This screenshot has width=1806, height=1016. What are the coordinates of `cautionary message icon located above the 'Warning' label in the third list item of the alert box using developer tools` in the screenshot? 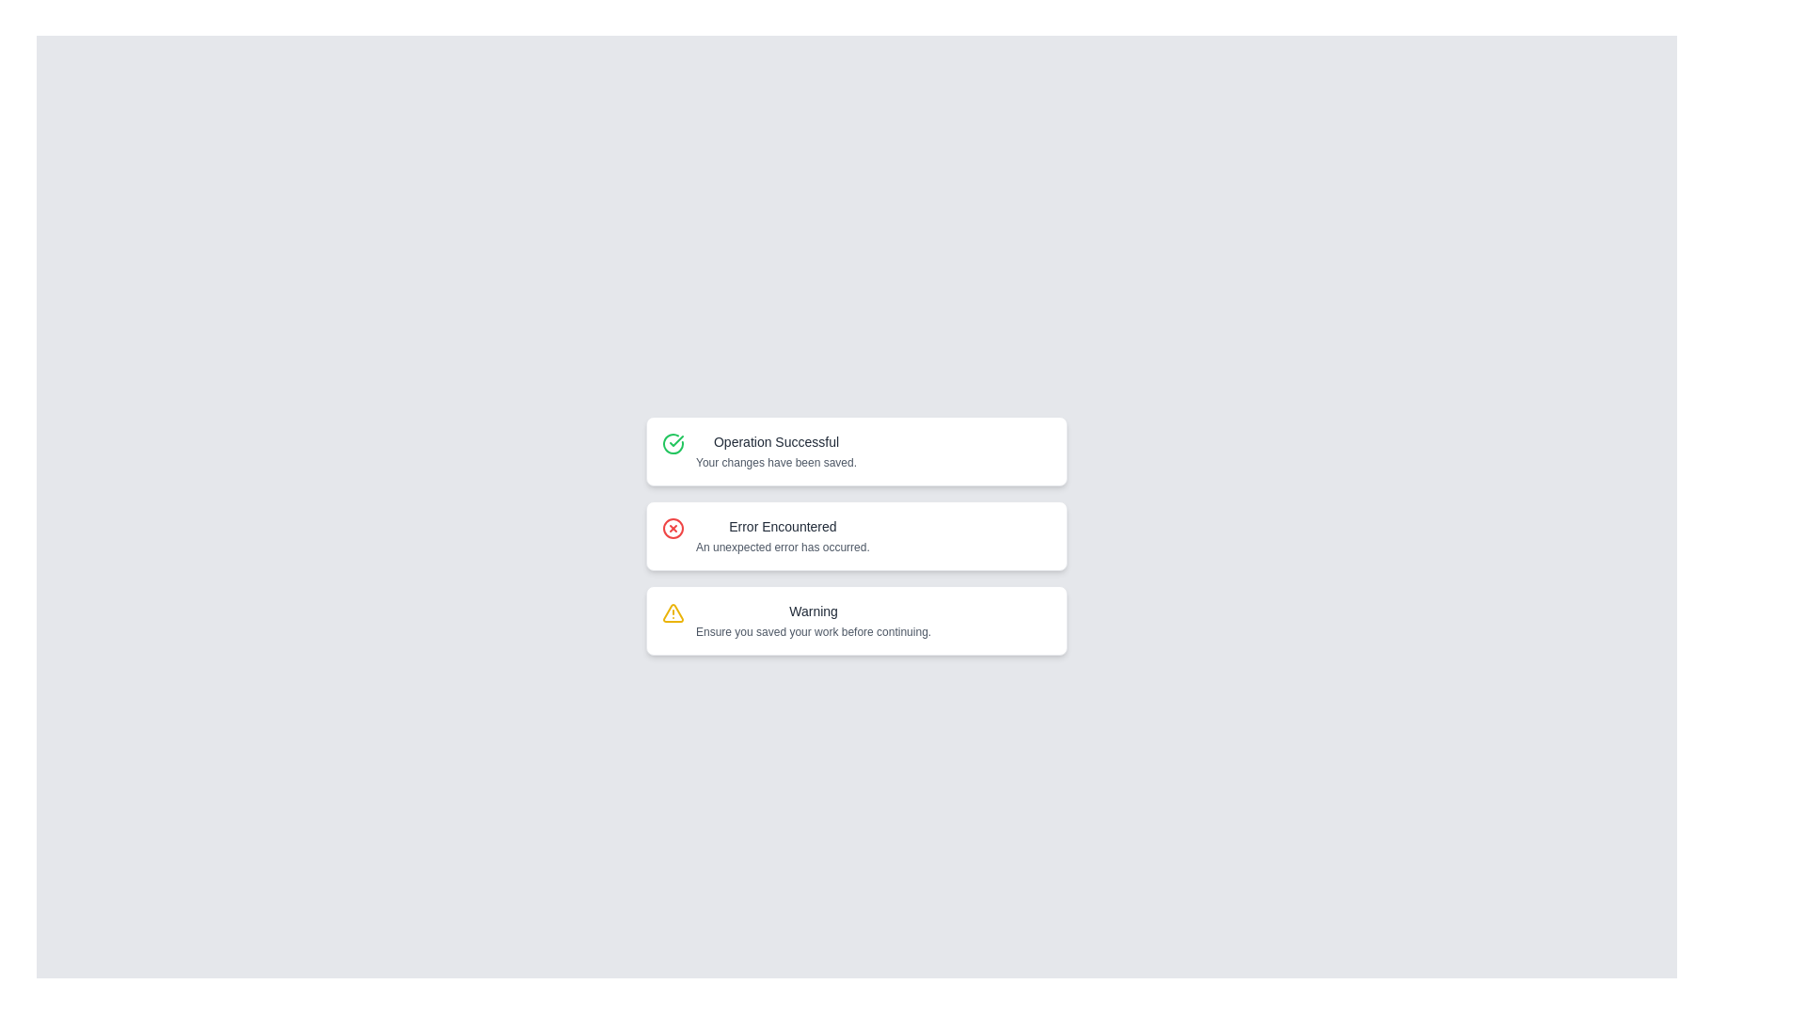 It's located at (673, 612).